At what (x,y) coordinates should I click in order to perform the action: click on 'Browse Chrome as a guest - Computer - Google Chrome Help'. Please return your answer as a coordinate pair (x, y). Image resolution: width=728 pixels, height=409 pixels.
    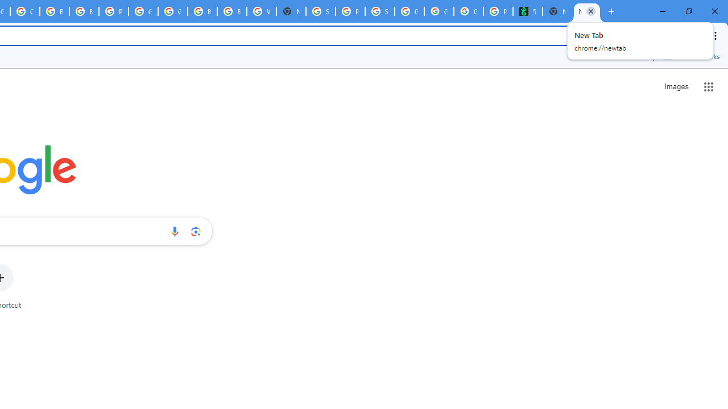
    Looking at the image, I should click on (83, 11).